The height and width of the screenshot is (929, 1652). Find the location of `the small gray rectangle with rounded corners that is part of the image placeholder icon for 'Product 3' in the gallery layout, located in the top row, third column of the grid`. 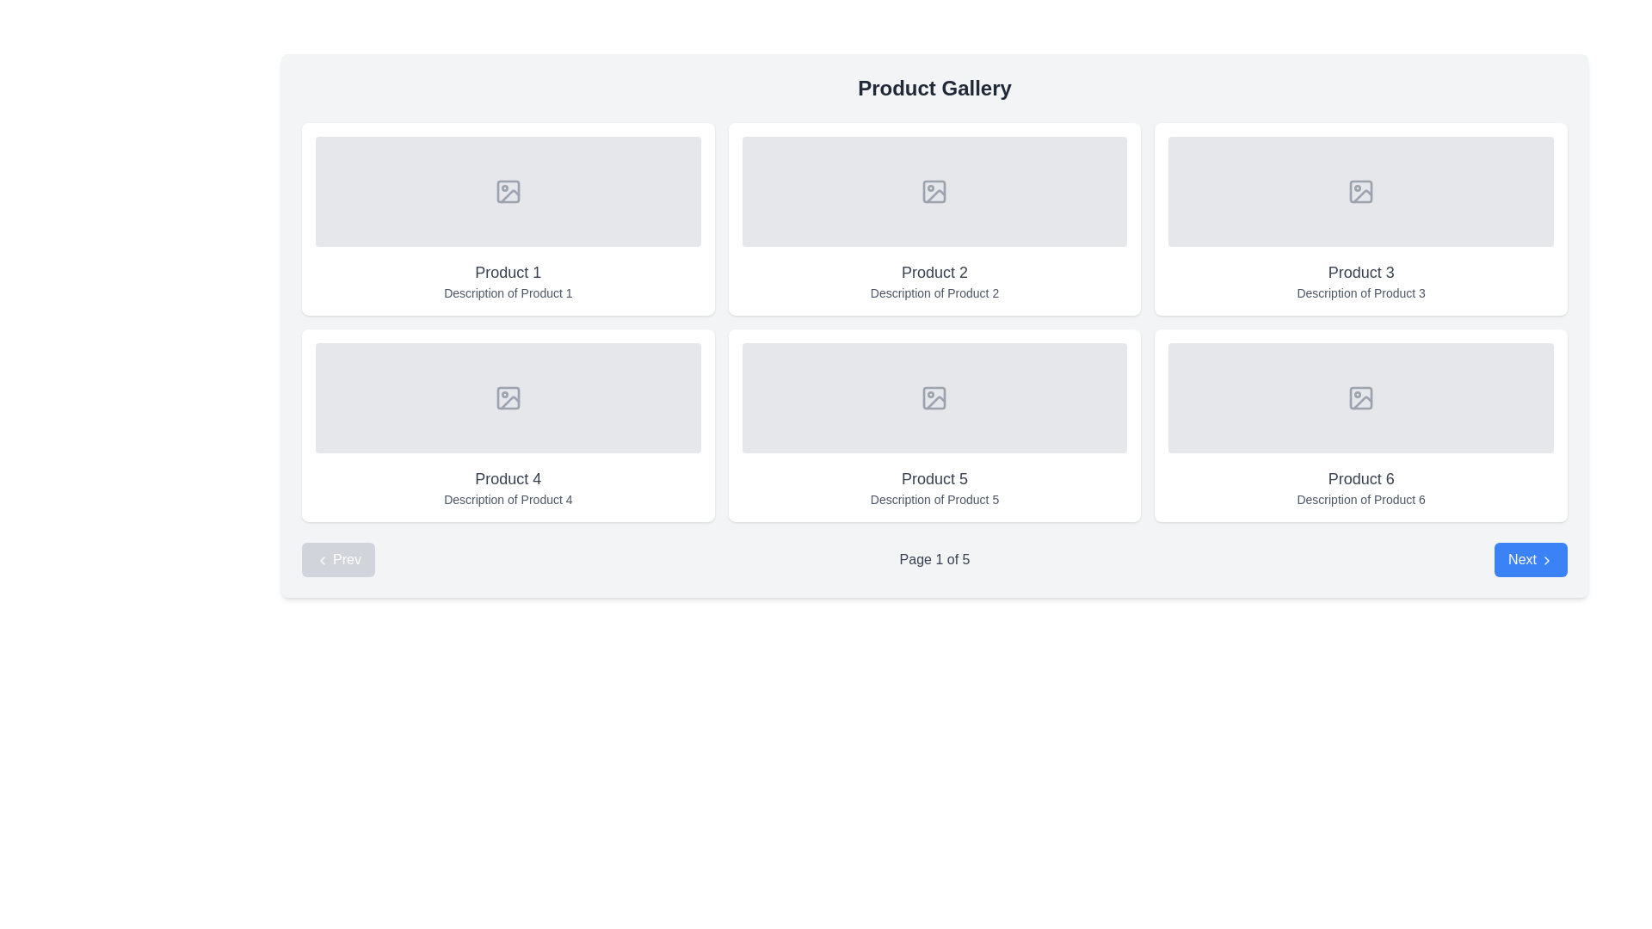

the small gray rectangle with rounded corners that is part of the image placeholder icon for 'Product 3' in the gallery layout, located in the top row, third column of the grid is located at coordinates (1360, 192).